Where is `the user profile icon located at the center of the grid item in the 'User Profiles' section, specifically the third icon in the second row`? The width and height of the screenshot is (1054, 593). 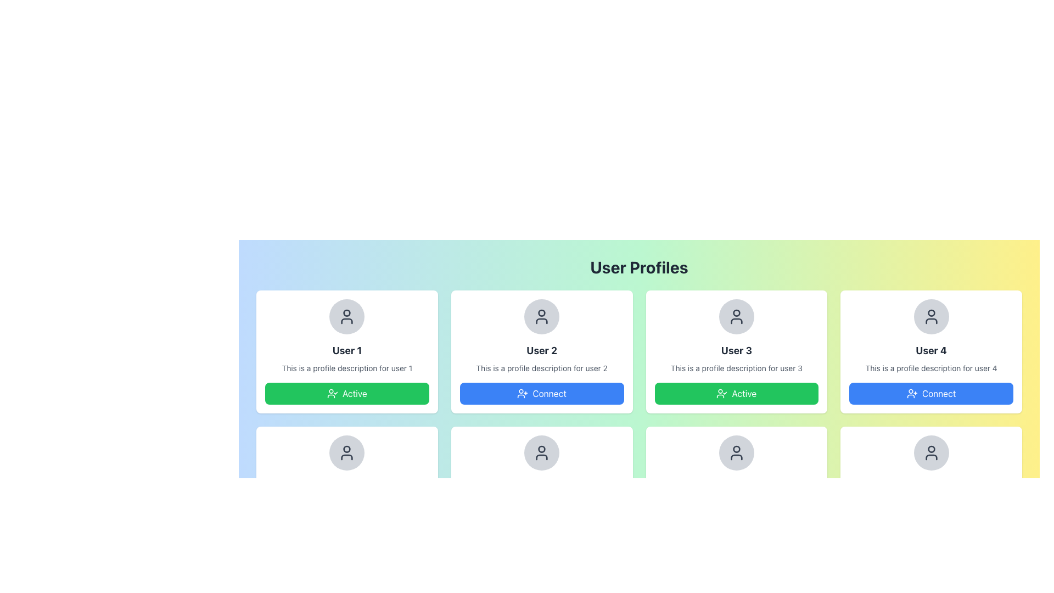 the user profile icon located at the center of the grid item in the 'User Profiles' section, specifically the third icon in the second row is located at coordinates (736, 453).